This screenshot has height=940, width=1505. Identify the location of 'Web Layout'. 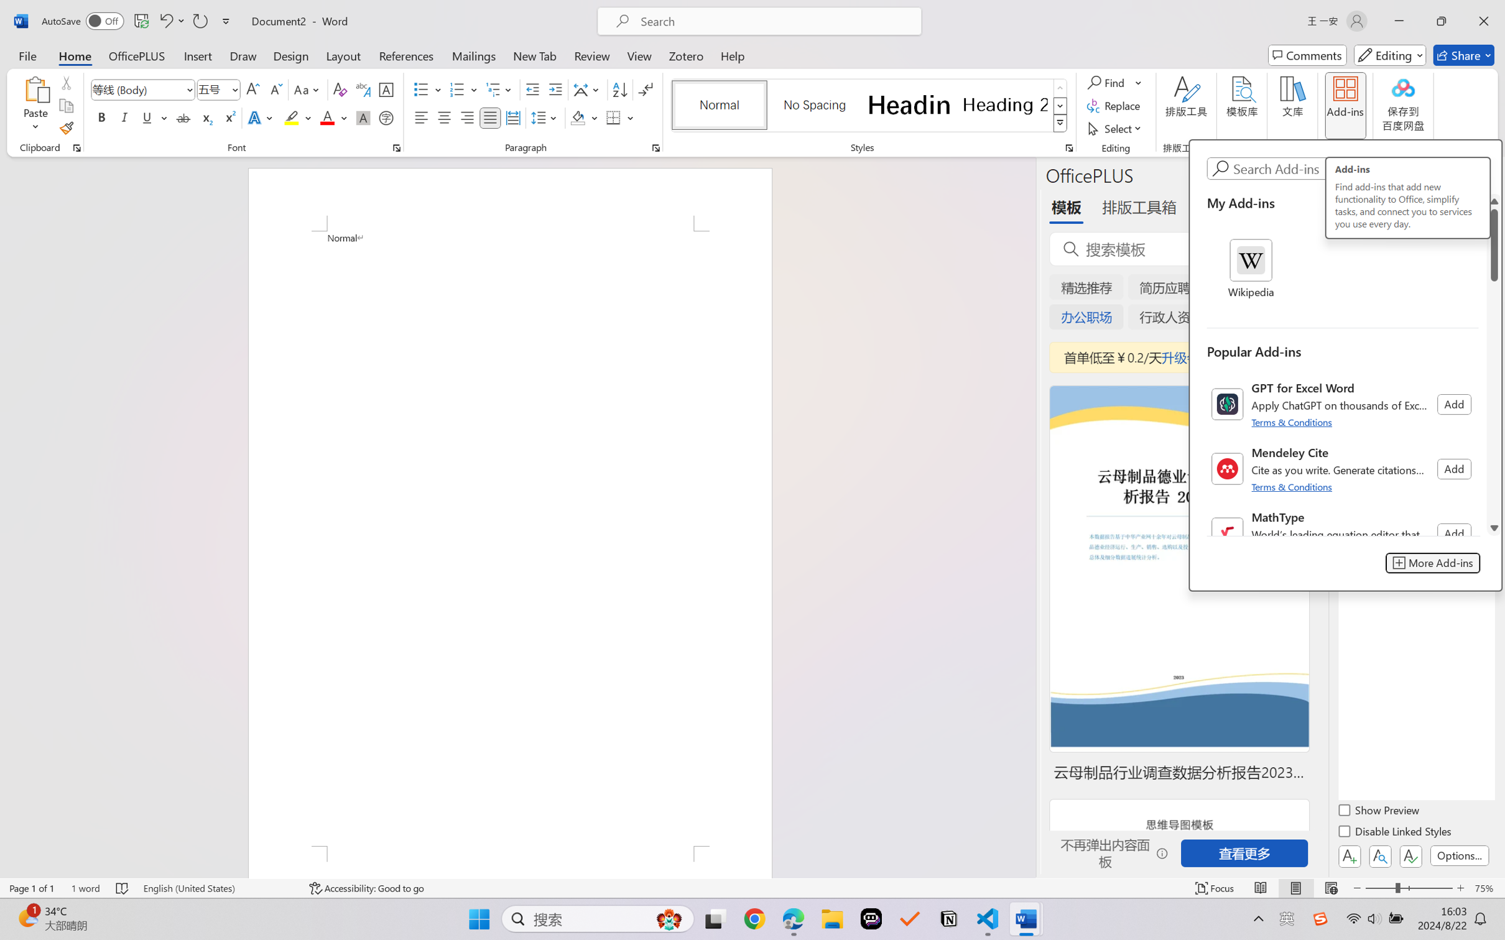
(1330, 888).